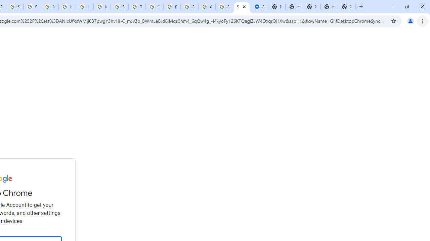 The height and width of the screenshot is (241, 430). What do you see at coordinates (154, 7) in the screenshot?
I see `'Google Ads - Sign in'` at bounding box center [154, 7].